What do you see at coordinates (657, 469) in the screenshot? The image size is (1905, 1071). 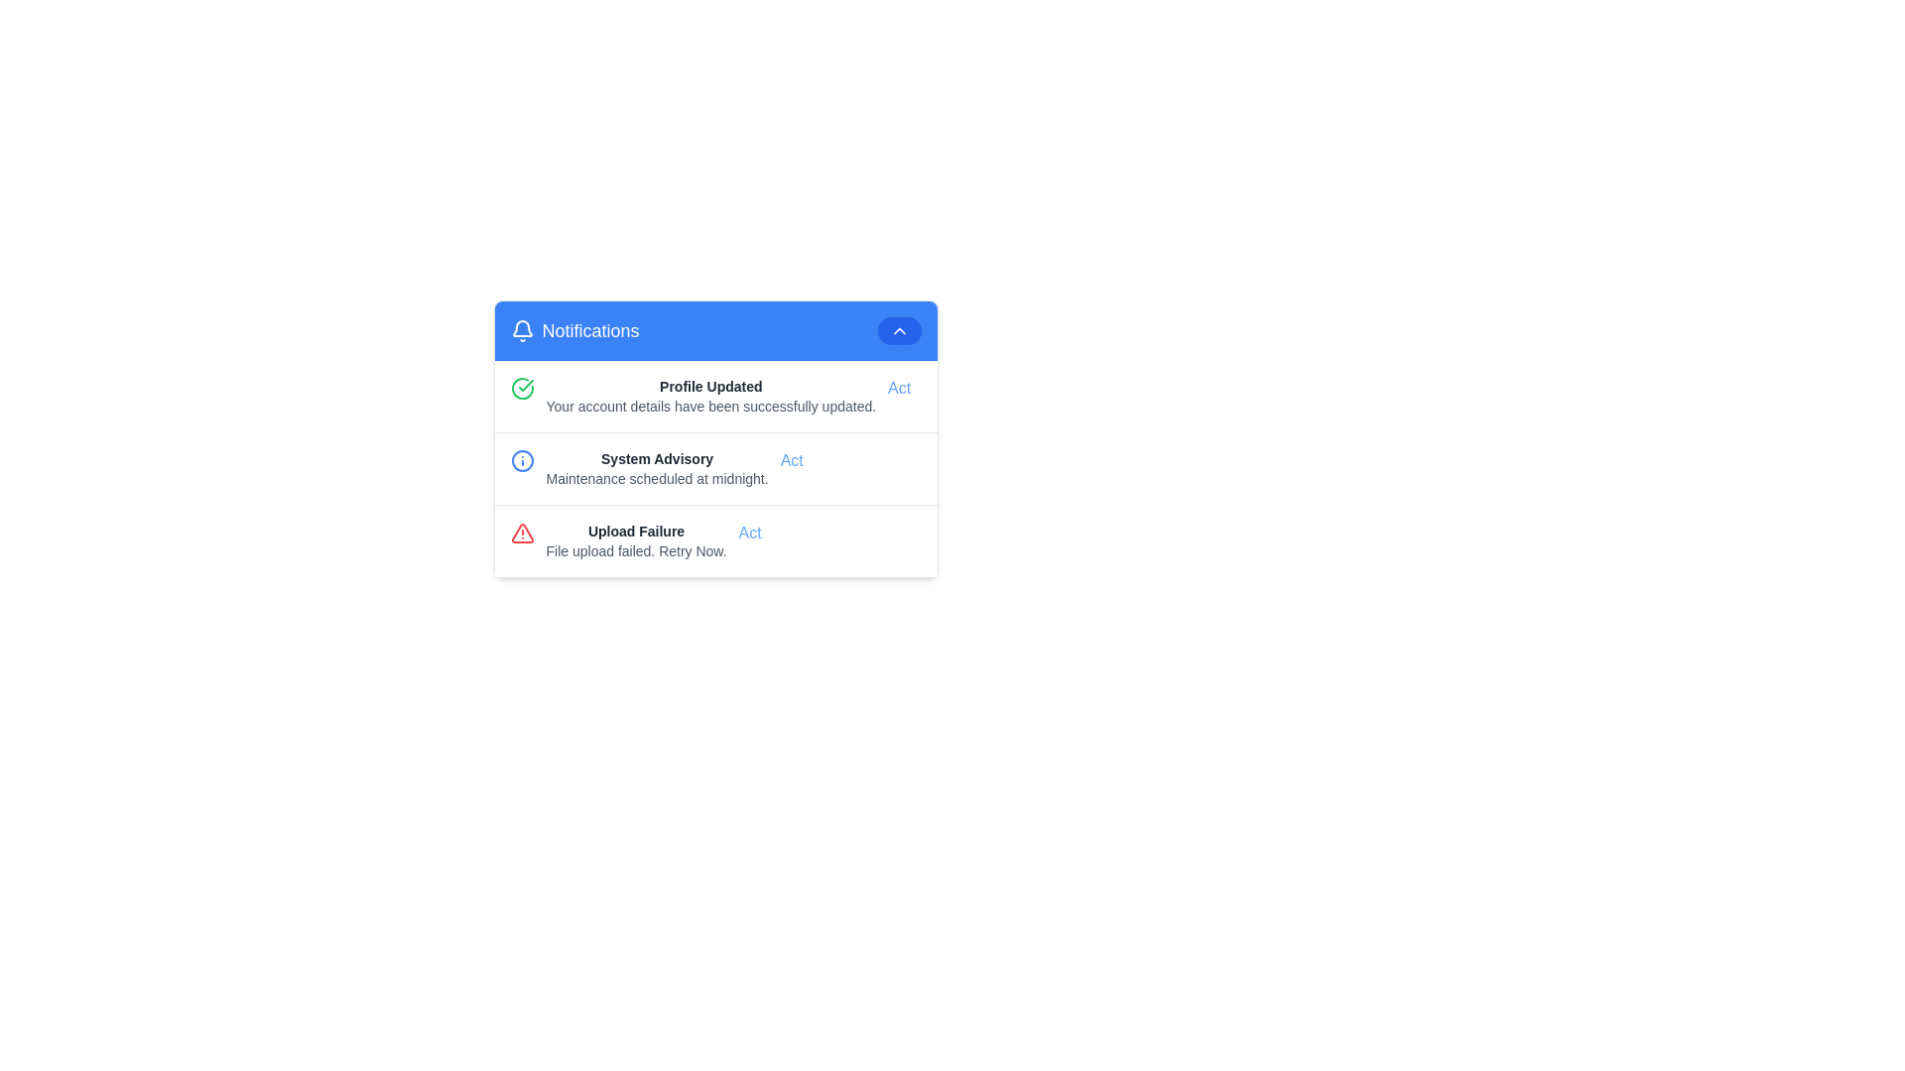 I see `text content of the Text Display Component that displays a notification about a scheduled maintenance event, located centrally in the notification section` at bounding box center [657, 469].